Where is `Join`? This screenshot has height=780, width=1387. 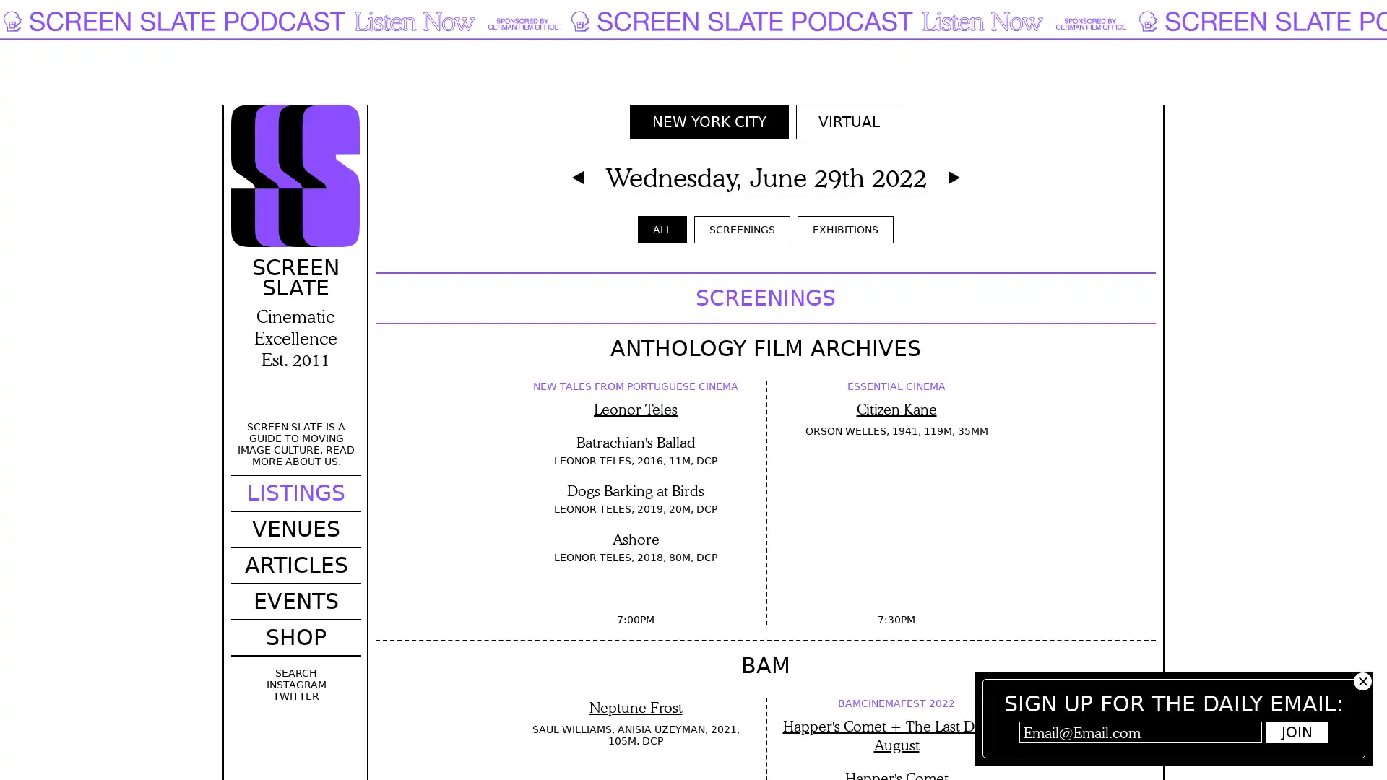
Join is located at coordinates (1297, 732).